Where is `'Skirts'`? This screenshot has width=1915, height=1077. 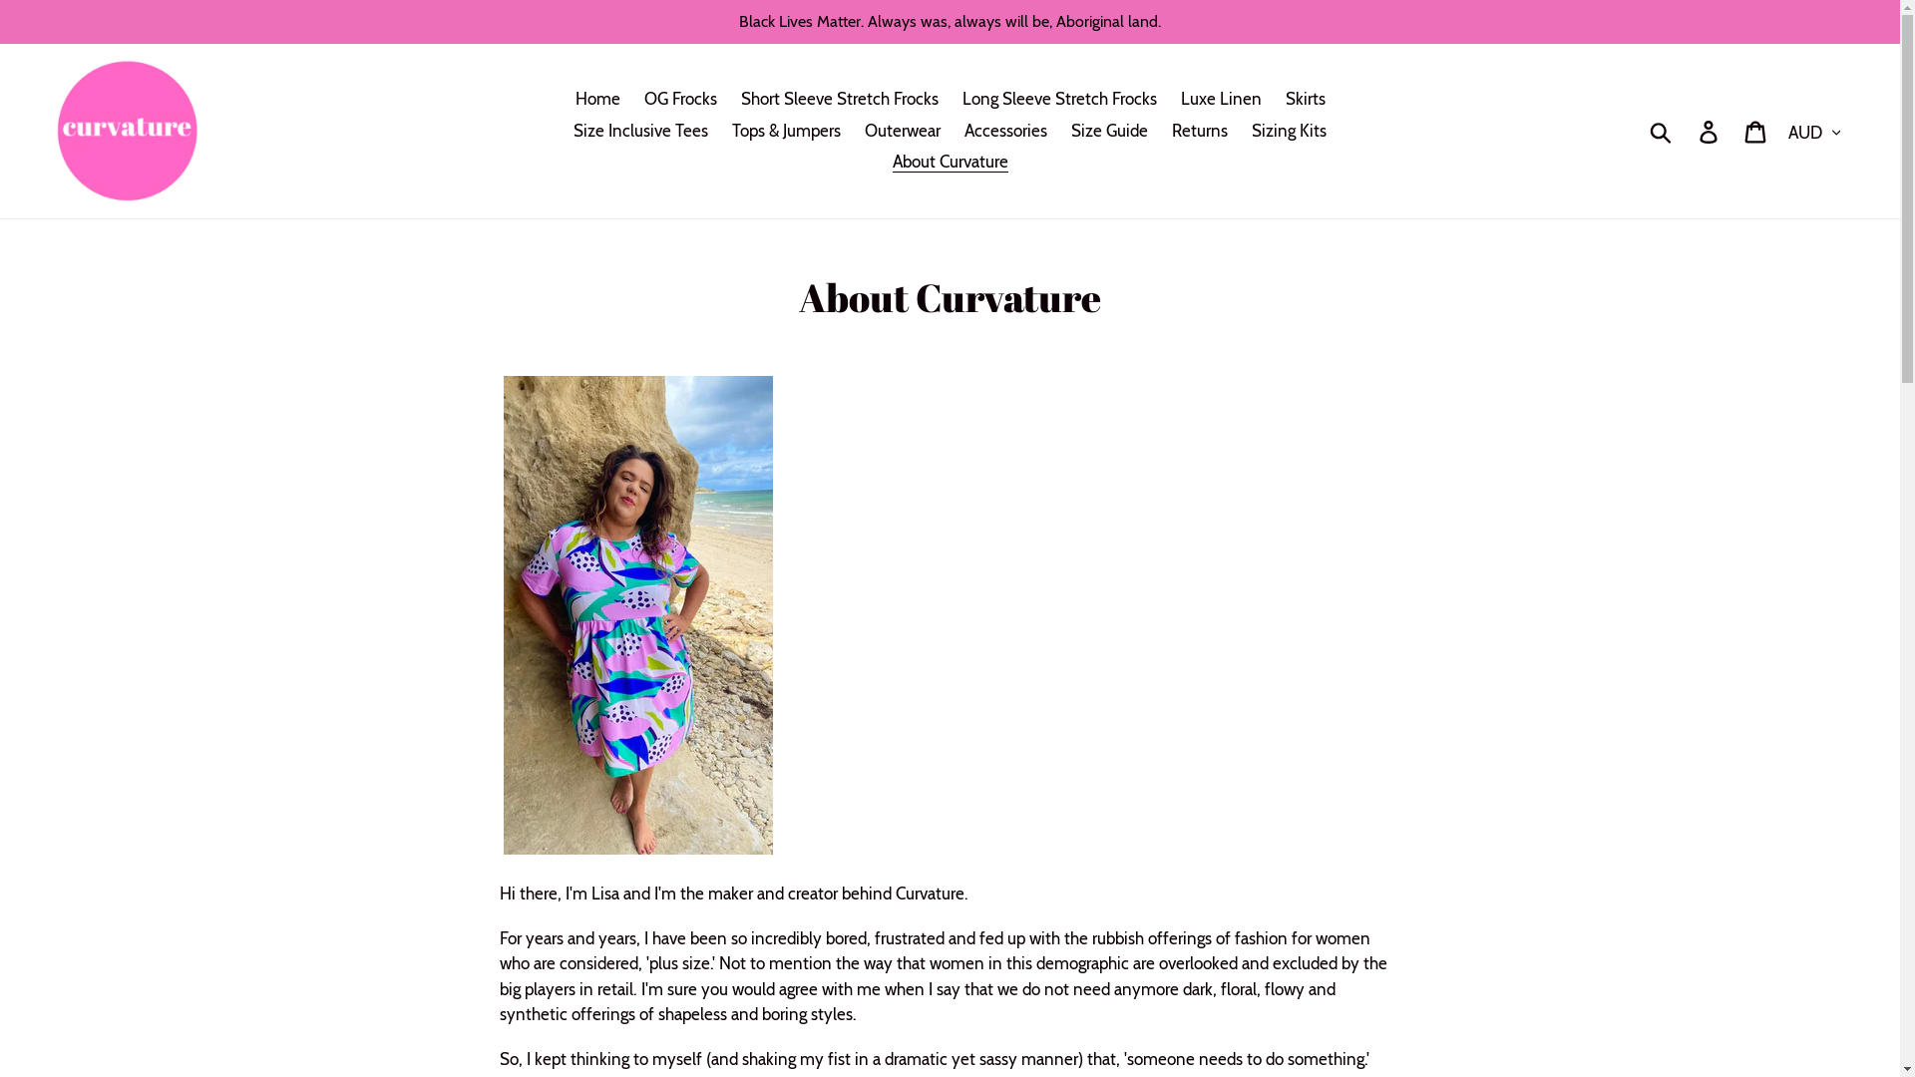 'Skirts' is located at coordinates (1273, 100).